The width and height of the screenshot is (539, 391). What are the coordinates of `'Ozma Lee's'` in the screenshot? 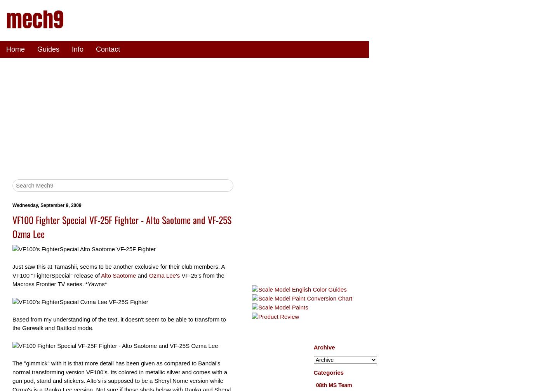 It's located at (164, 275).